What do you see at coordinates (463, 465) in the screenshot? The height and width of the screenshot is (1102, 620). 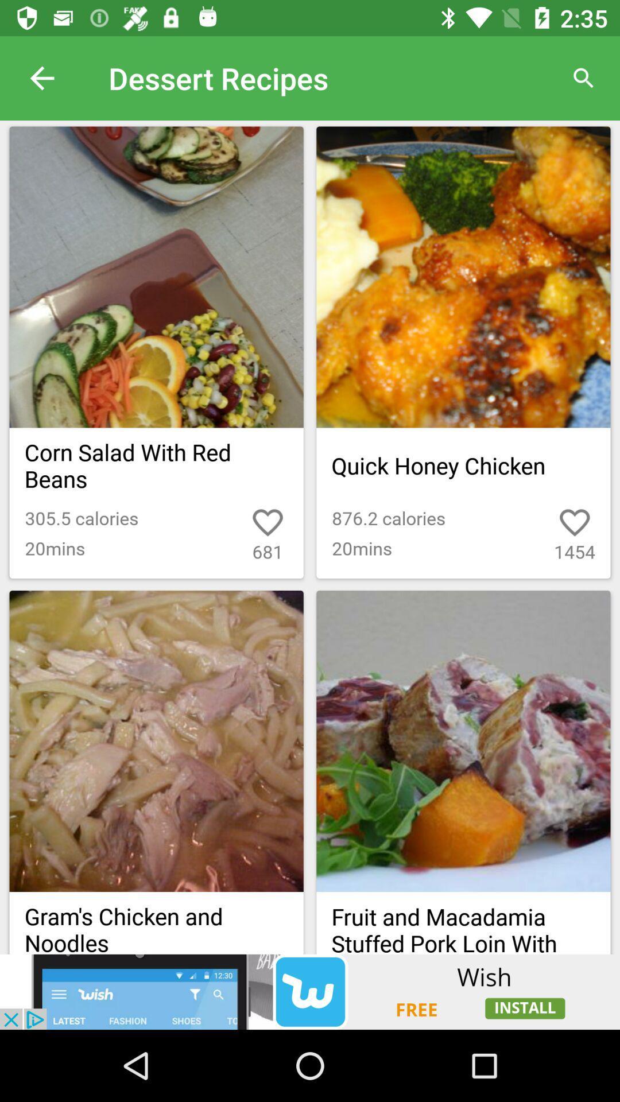 I see `quick honey chicken above 8762 calories` at bounding box center [463, 465].